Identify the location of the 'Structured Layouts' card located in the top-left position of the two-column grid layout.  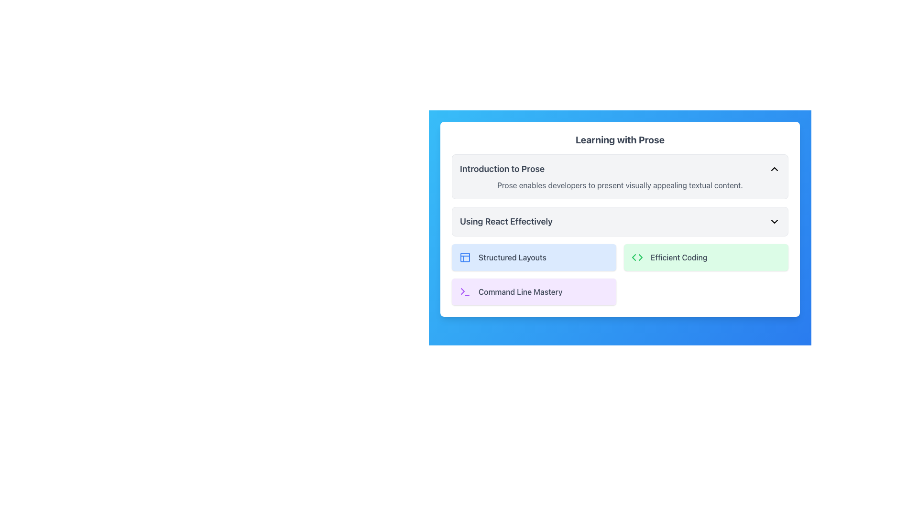
(534, 257).